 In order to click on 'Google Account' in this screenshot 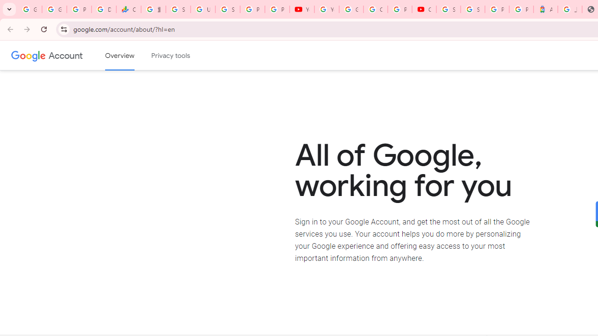, I will do `click(65, 55)`.